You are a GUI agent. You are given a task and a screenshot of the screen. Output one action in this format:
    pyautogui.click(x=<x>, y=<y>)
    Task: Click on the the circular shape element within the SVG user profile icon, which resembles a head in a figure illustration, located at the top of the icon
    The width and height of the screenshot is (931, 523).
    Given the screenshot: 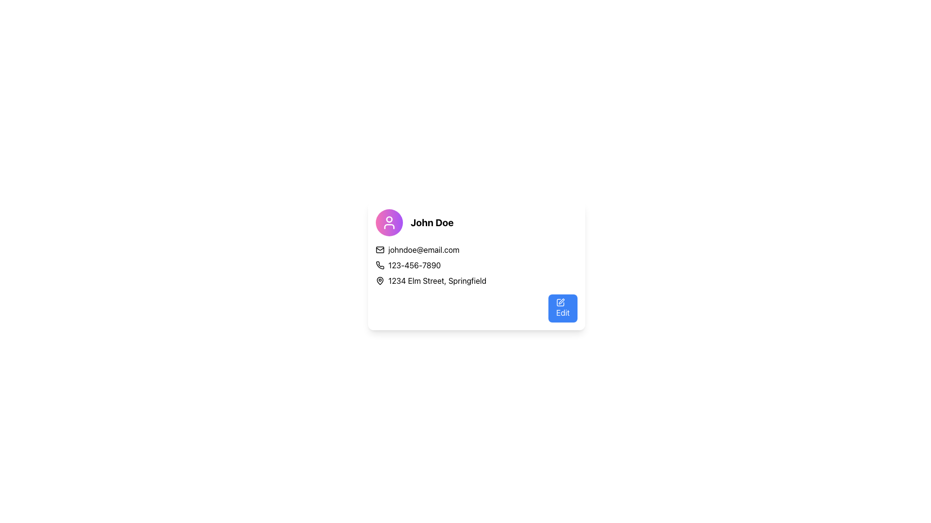 What is the action you would take?
    pyautogui.click(x=389, y=219)
    